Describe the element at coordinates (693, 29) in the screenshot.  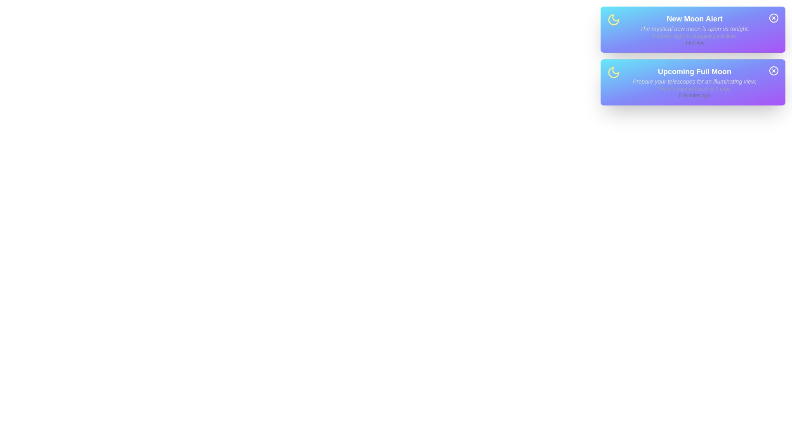
I see `the 'New Moon Alert' notification to focus on its details` at that location.